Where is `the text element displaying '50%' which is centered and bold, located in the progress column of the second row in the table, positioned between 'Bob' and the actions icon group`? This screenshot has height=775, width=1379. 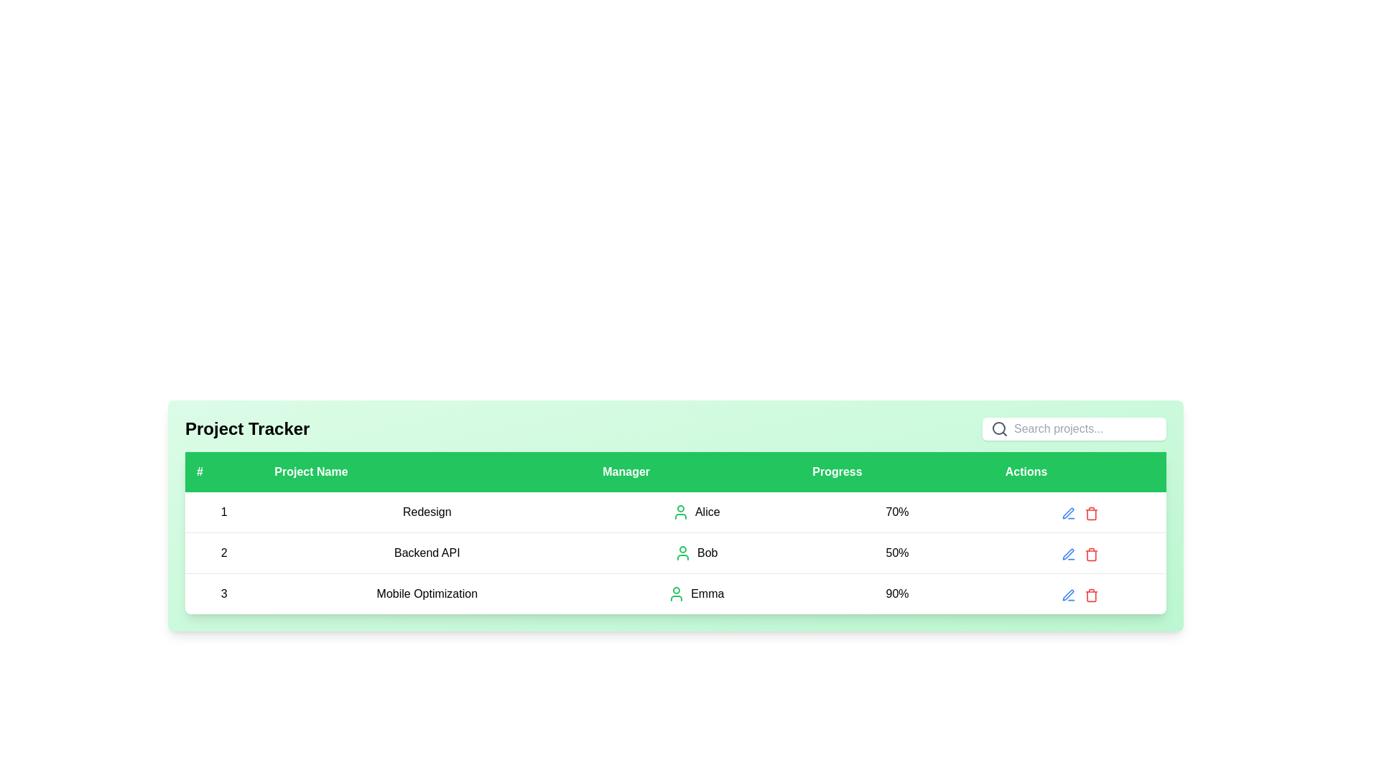
the text element displaying '50%' which is centered and bold, located in the progress column of the second row in the table, positioned between 'Bob' and the actions icon group is located at coordinates (896, 553).